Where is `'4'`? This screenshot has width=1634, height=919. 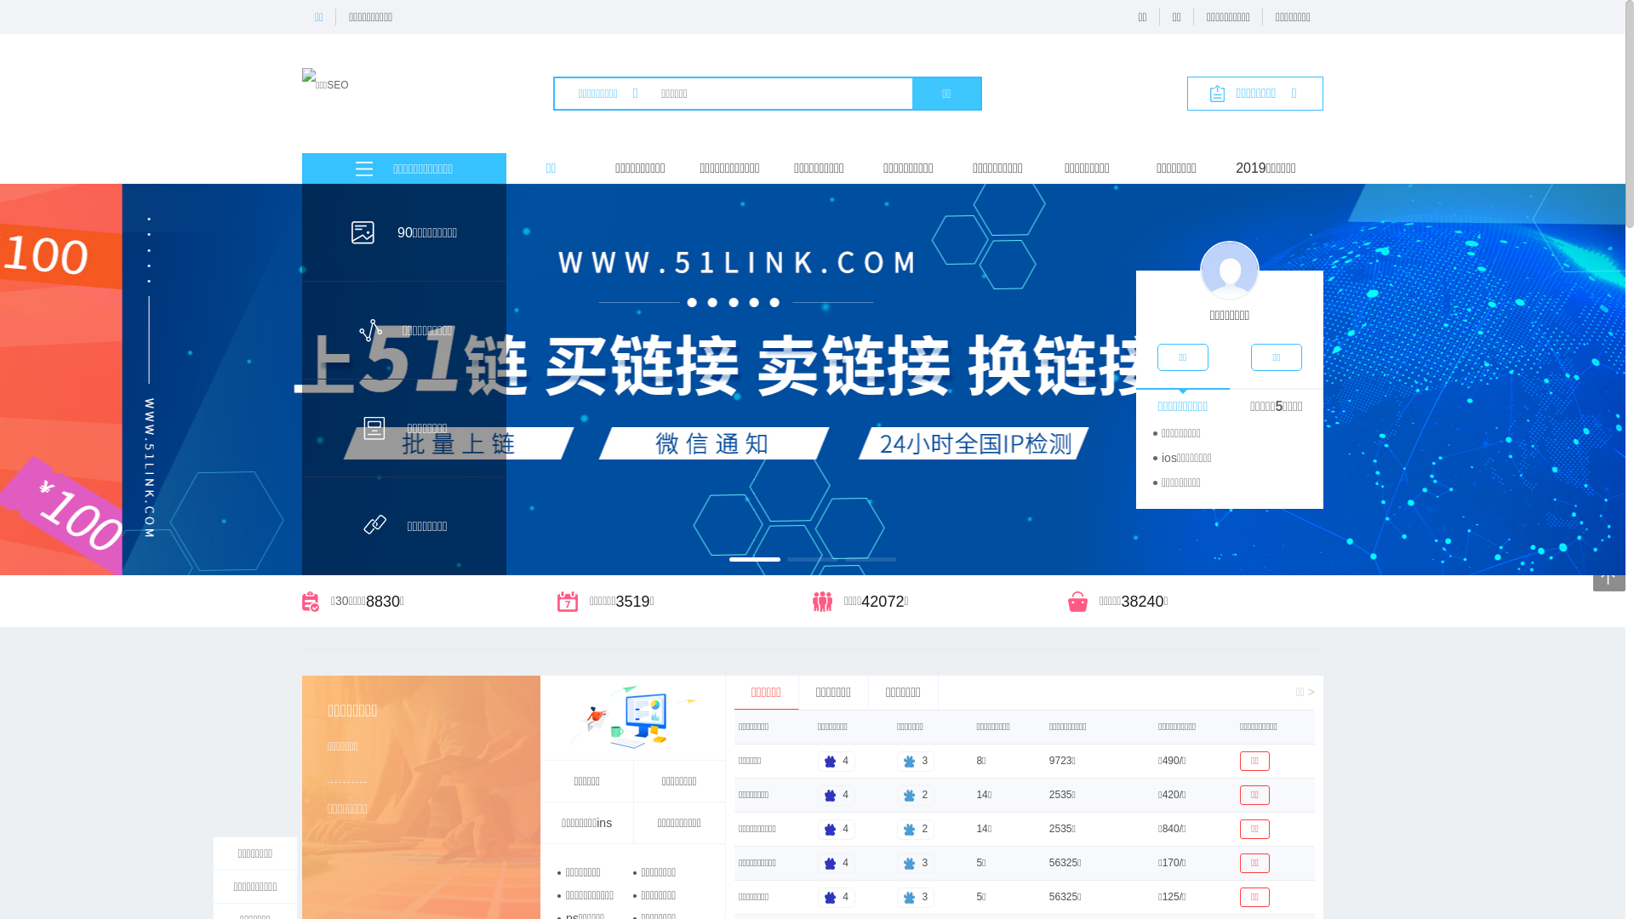 '4' is located at coordinates (837, 794).